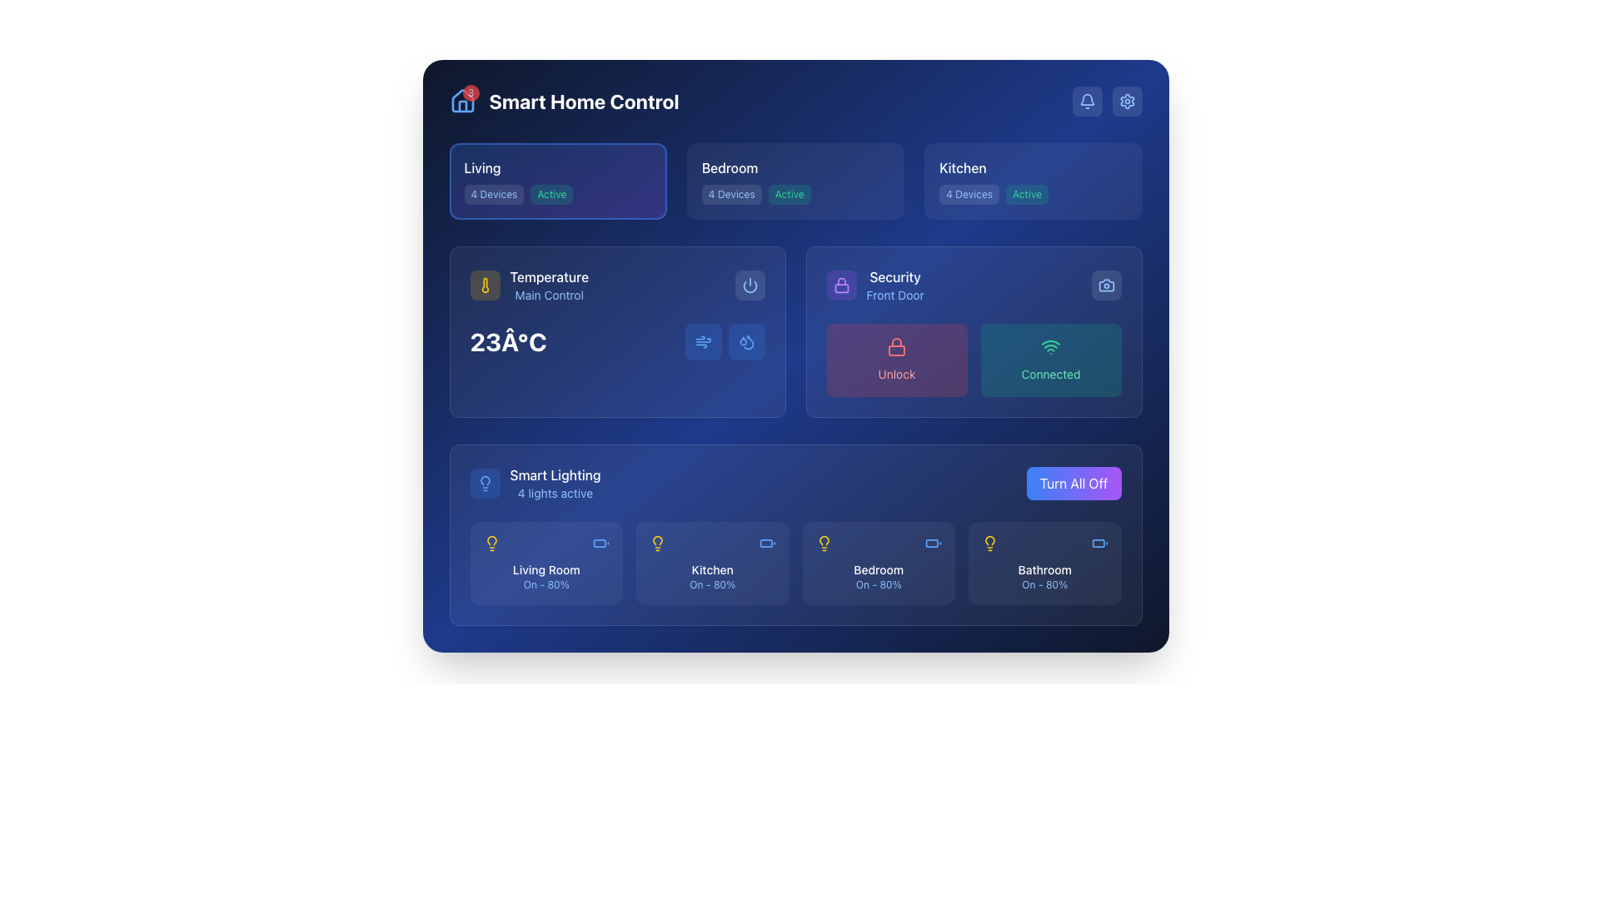 The image size is (1599, 899). What do you see at coordinates (878, 584) in the screenshot?
I see `the static text label indicating the operational state and intensity level of the 'Bedroom' light located in the 'Smart Lighting' panel, positioned below the 'Bedroom' title` at bounding box center [878, 584].